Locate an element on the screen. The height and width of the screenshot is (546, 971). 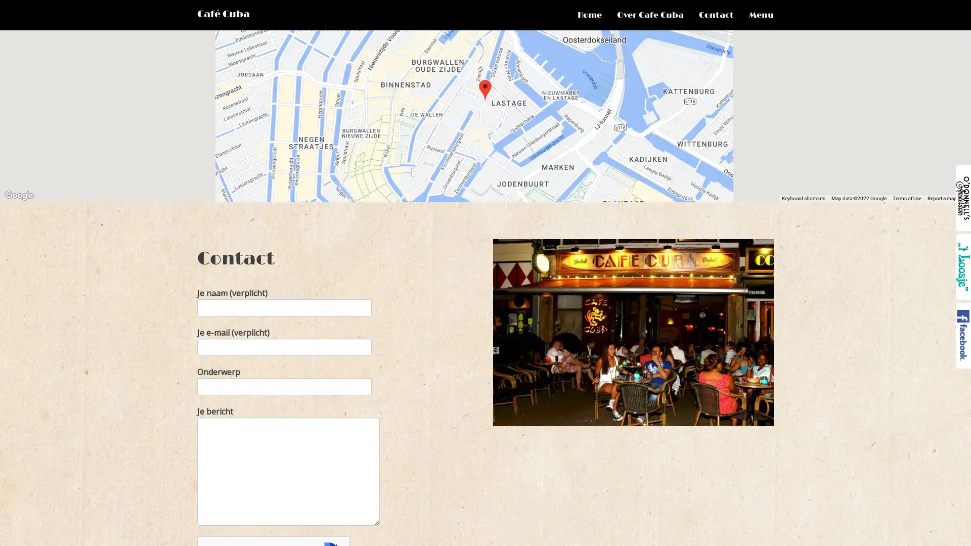
Keyboard shortcuts is located at coordinates (803, 199).